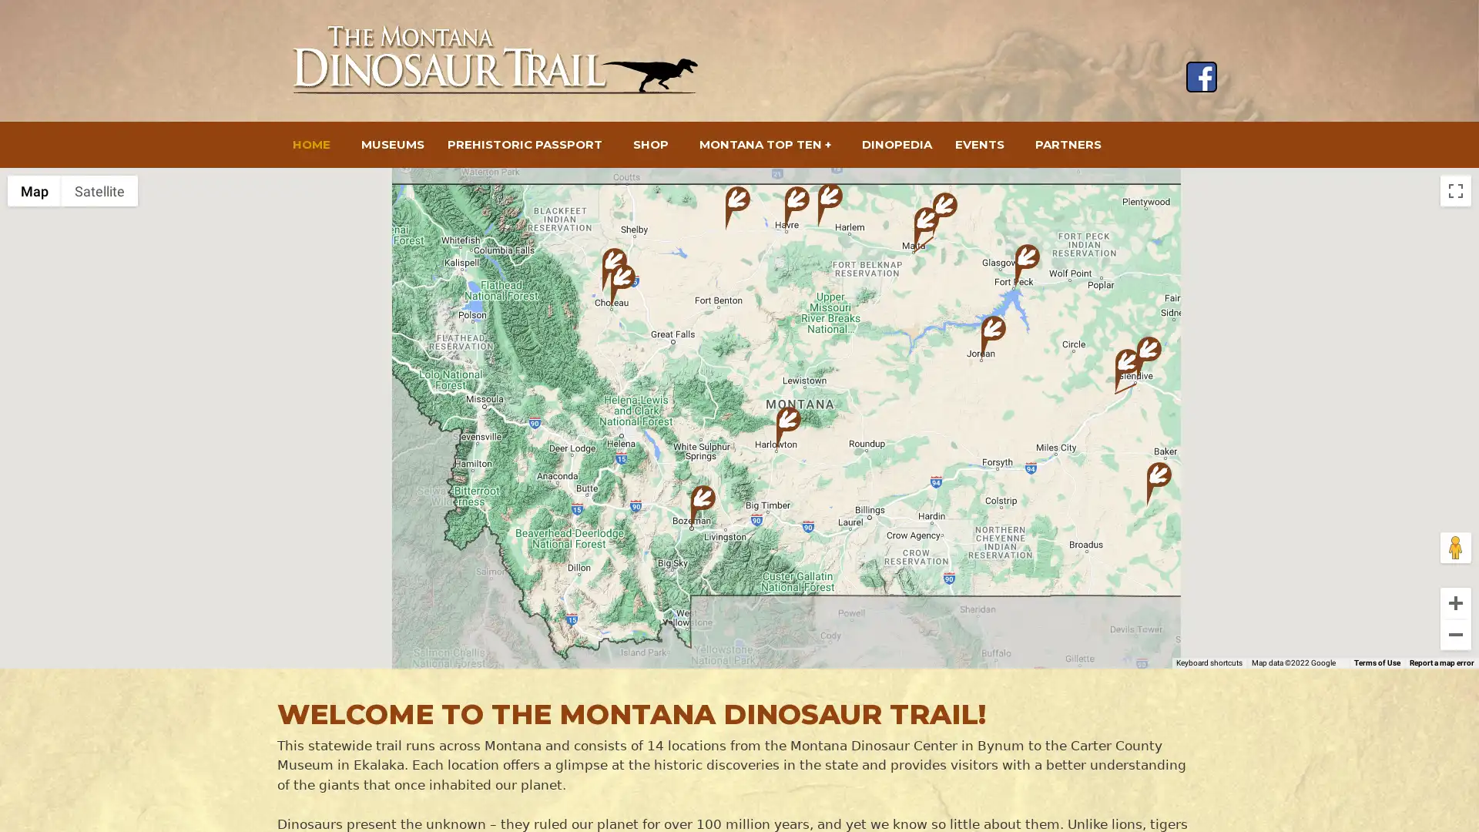  I want to click on Great Plains Dinosaur Museum, so click(926, 229).